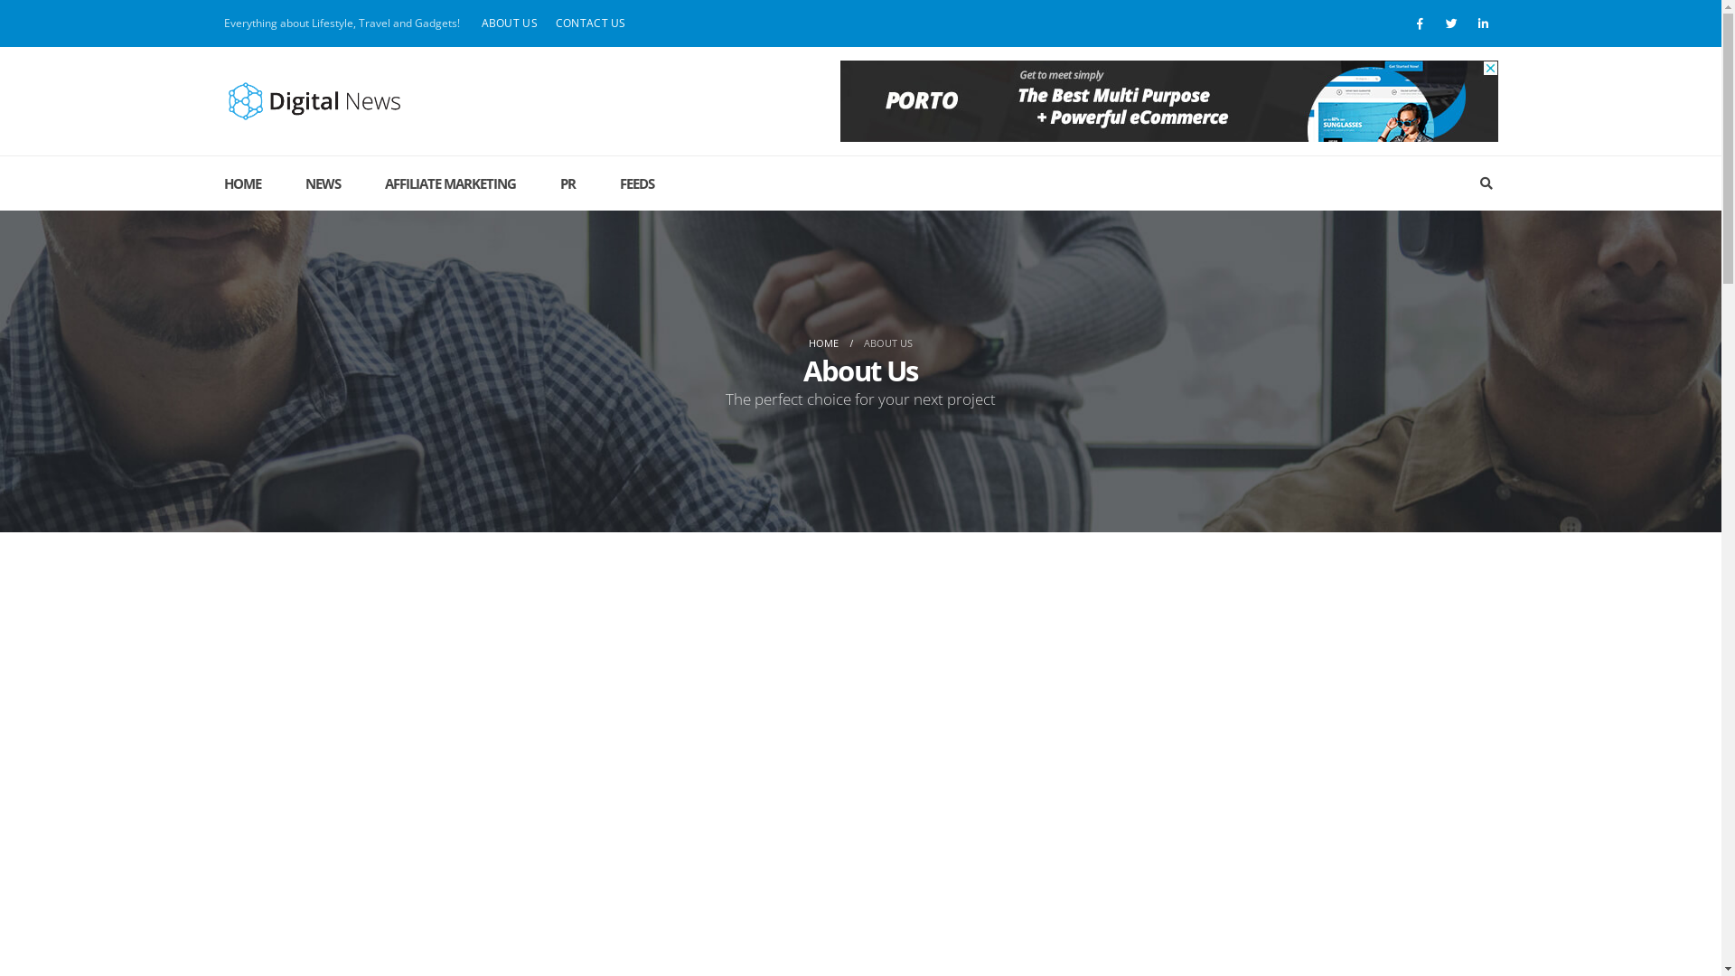 Image resolution: width=1735 pixels, height=976 pixels. I want to click on 'LinkedIn', so click(1483, 23).